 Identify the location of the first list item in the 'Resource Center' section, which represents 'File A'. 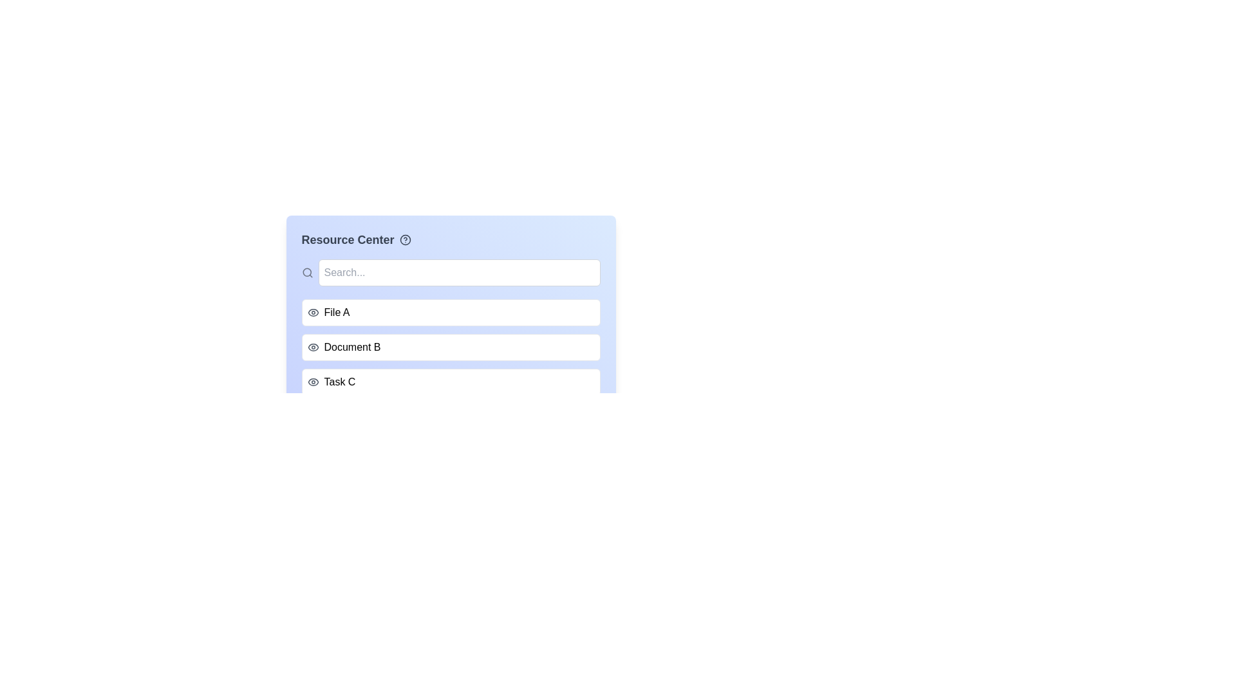
(451, 313).